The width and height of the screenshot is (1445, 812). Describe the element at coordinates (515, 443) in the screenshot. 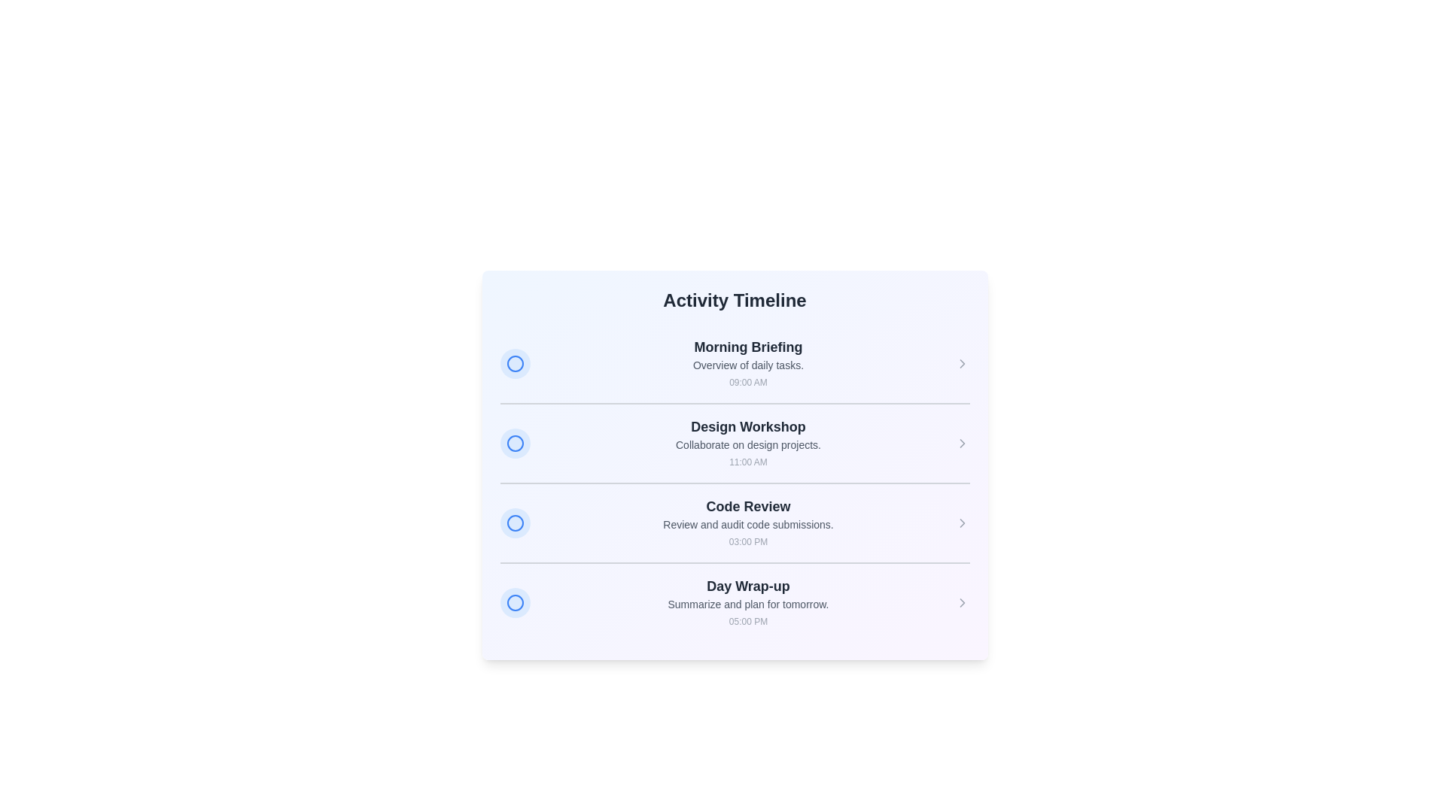

I see `the circular icon indicator with a blue border located in the timeline UI, positioned second in the order, next to 'Design Workshop'` at that location.